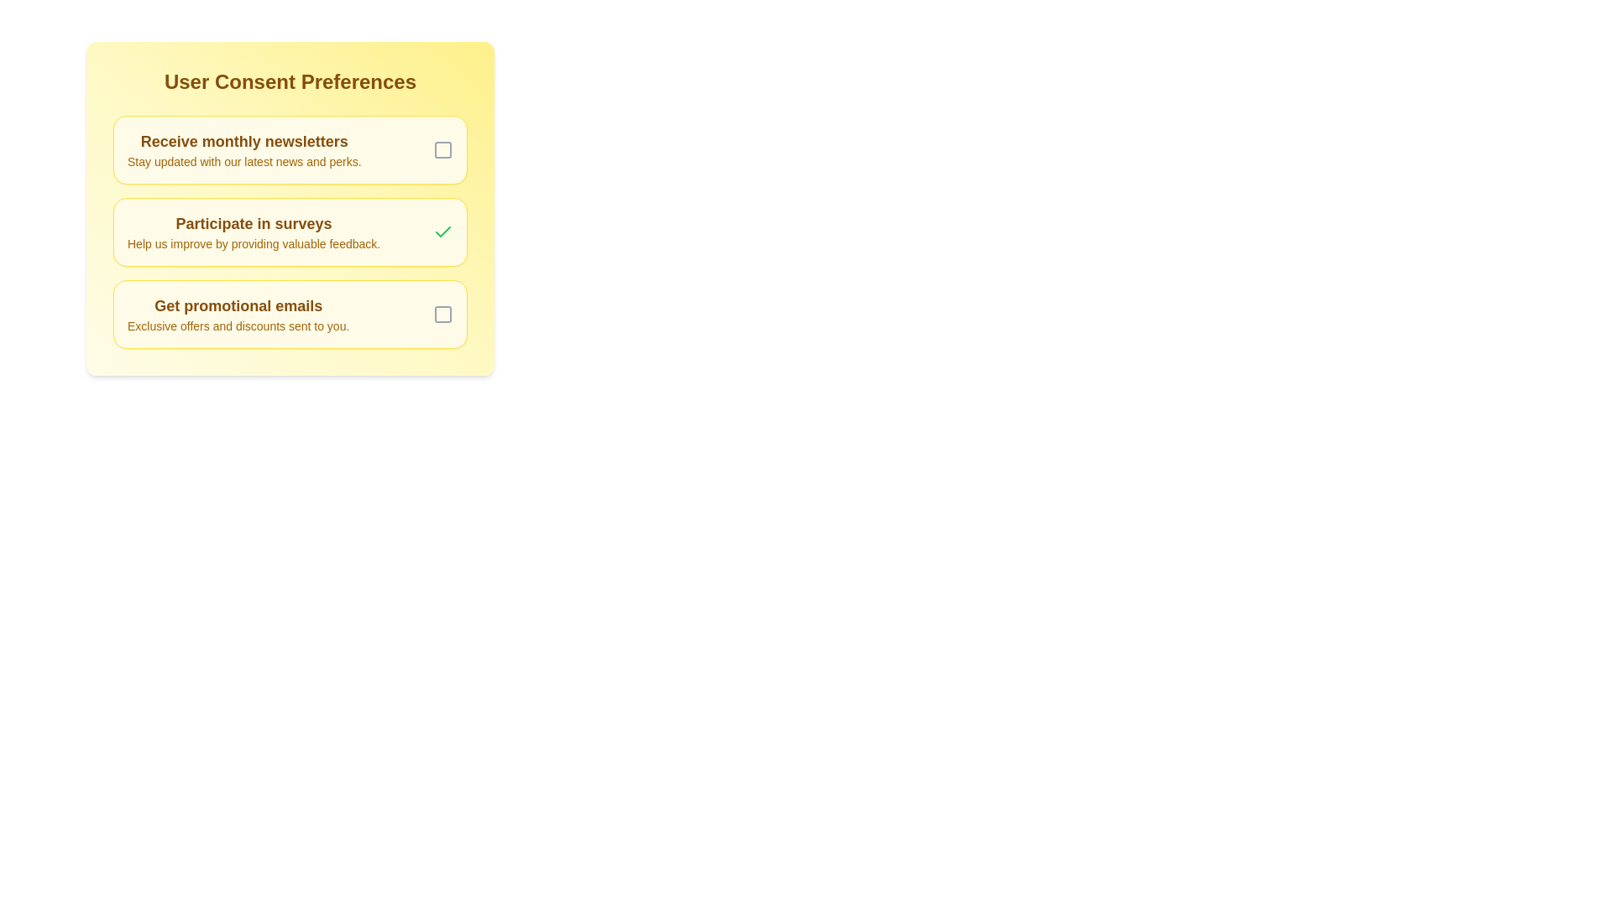  Describe the element at coordinates (243, 161) in the screenshot. I see `the Text Description that explains the benefits of subscribing to the 'Receive monthly newsletters' section, which is located directly below its heading` at that location.